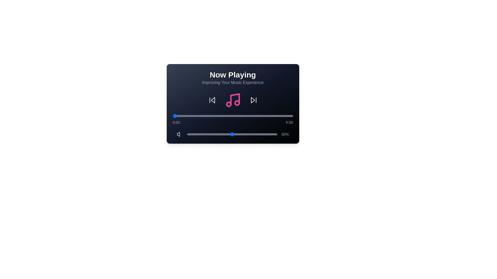  I want to click on the playback progress to 192 seconds, so click(250, 115).